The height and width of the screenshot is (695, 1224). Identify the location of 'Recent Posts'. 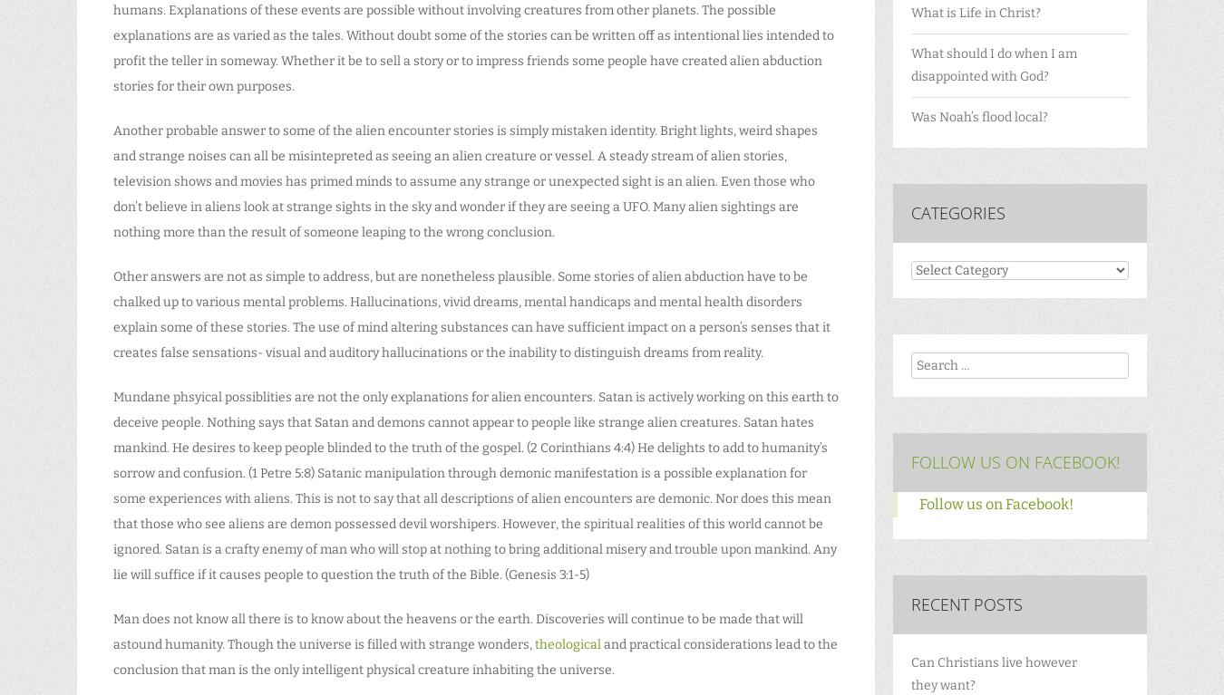
(967, 603).